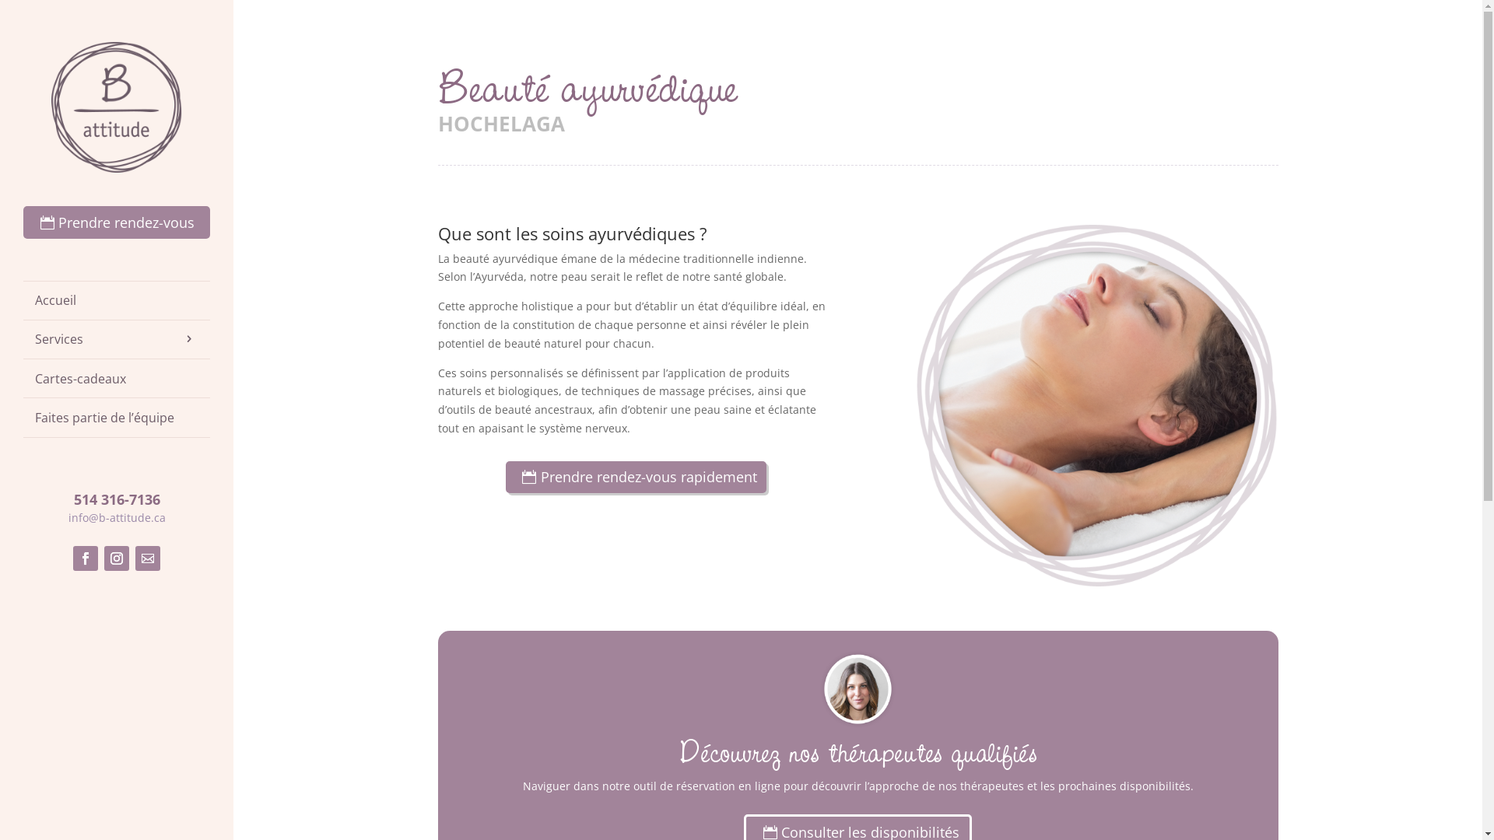  Describe the element at coordinates (636, 476) in the screenshot. I see `'Prendre rendez-vous rapidement'` at that location.